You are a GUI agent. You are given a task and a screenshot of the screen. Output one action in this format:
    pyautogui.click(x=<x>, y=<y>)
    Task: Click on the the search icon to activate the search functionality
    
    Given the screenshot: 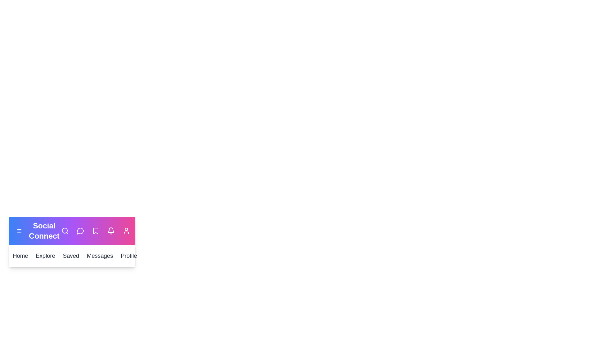 What is the action you would take?
    pyautogui.click(x=65, y=231)
    